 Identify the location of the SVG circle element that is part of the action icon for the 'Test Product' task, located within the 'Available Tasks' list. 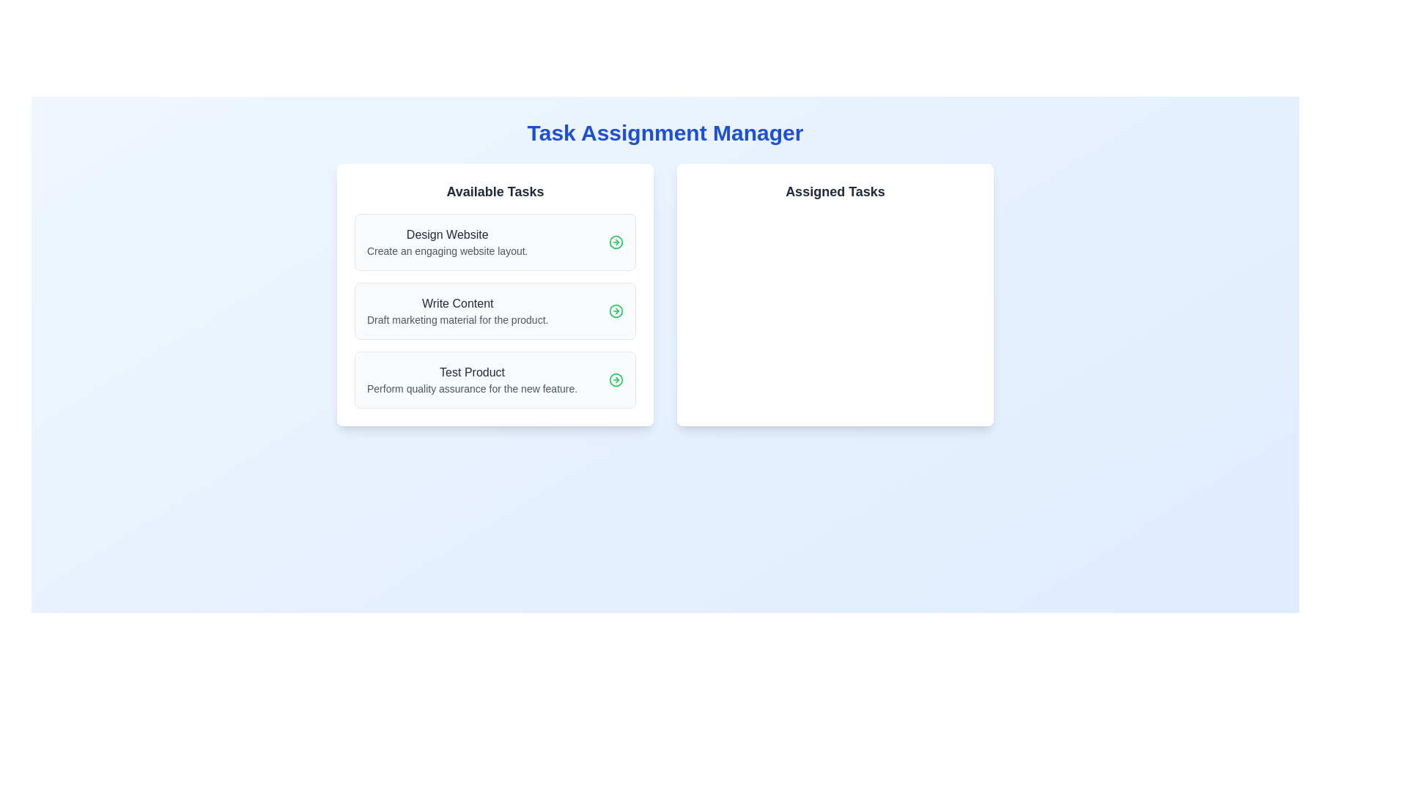
(616, 378).